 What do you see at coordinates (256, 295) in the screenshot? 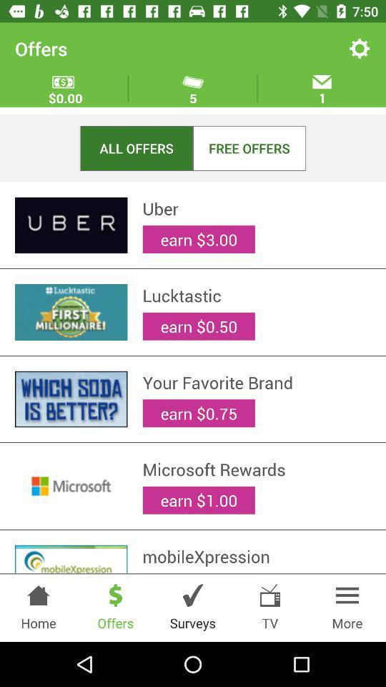
I see `lucktastic icon` at bounding box center [256, 295].